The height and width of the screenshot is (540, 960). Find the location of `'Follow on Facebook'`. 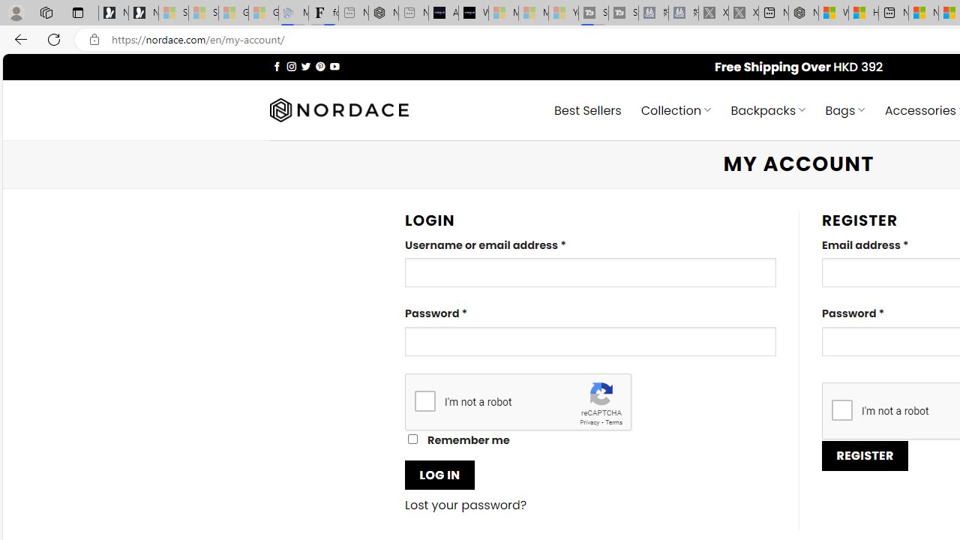

'Follow on Facebook' is located at coordinates (277, 65).